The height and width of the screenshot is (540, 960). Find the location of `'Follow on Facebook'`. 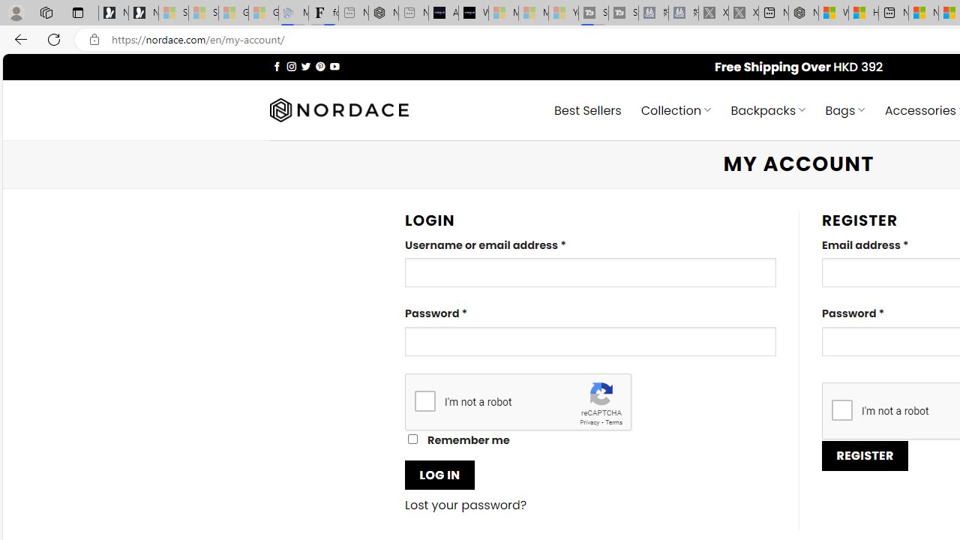

'Follow on Facebook' is located at coordinates (277, 65).